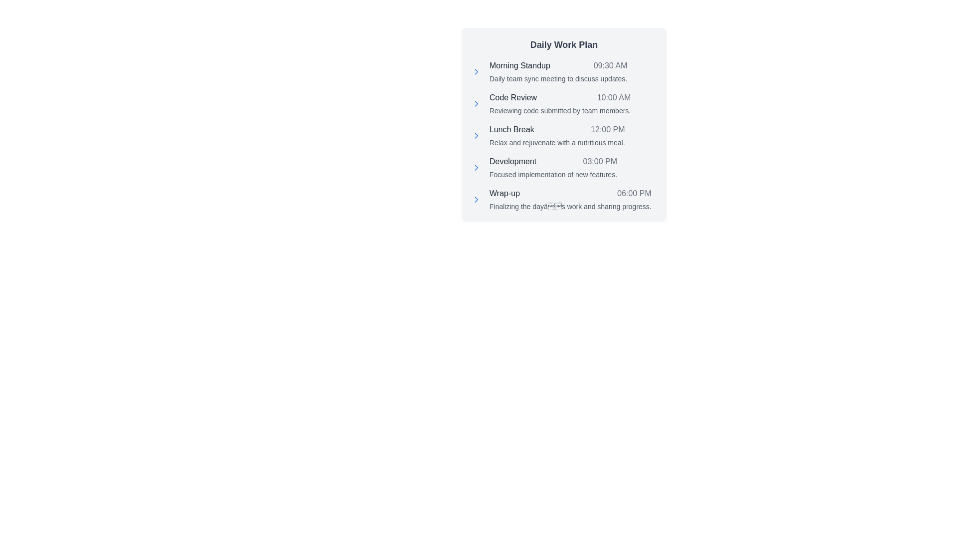 The height and width of the screenshot is (539, 958). What do you see at coordinates (564, 136) in the screenshot?
I see `title and description from the third text block in the vertical list under 'Daily Work Plan', which indicates a scheduled break during the day` at bounding box center [564, 136].